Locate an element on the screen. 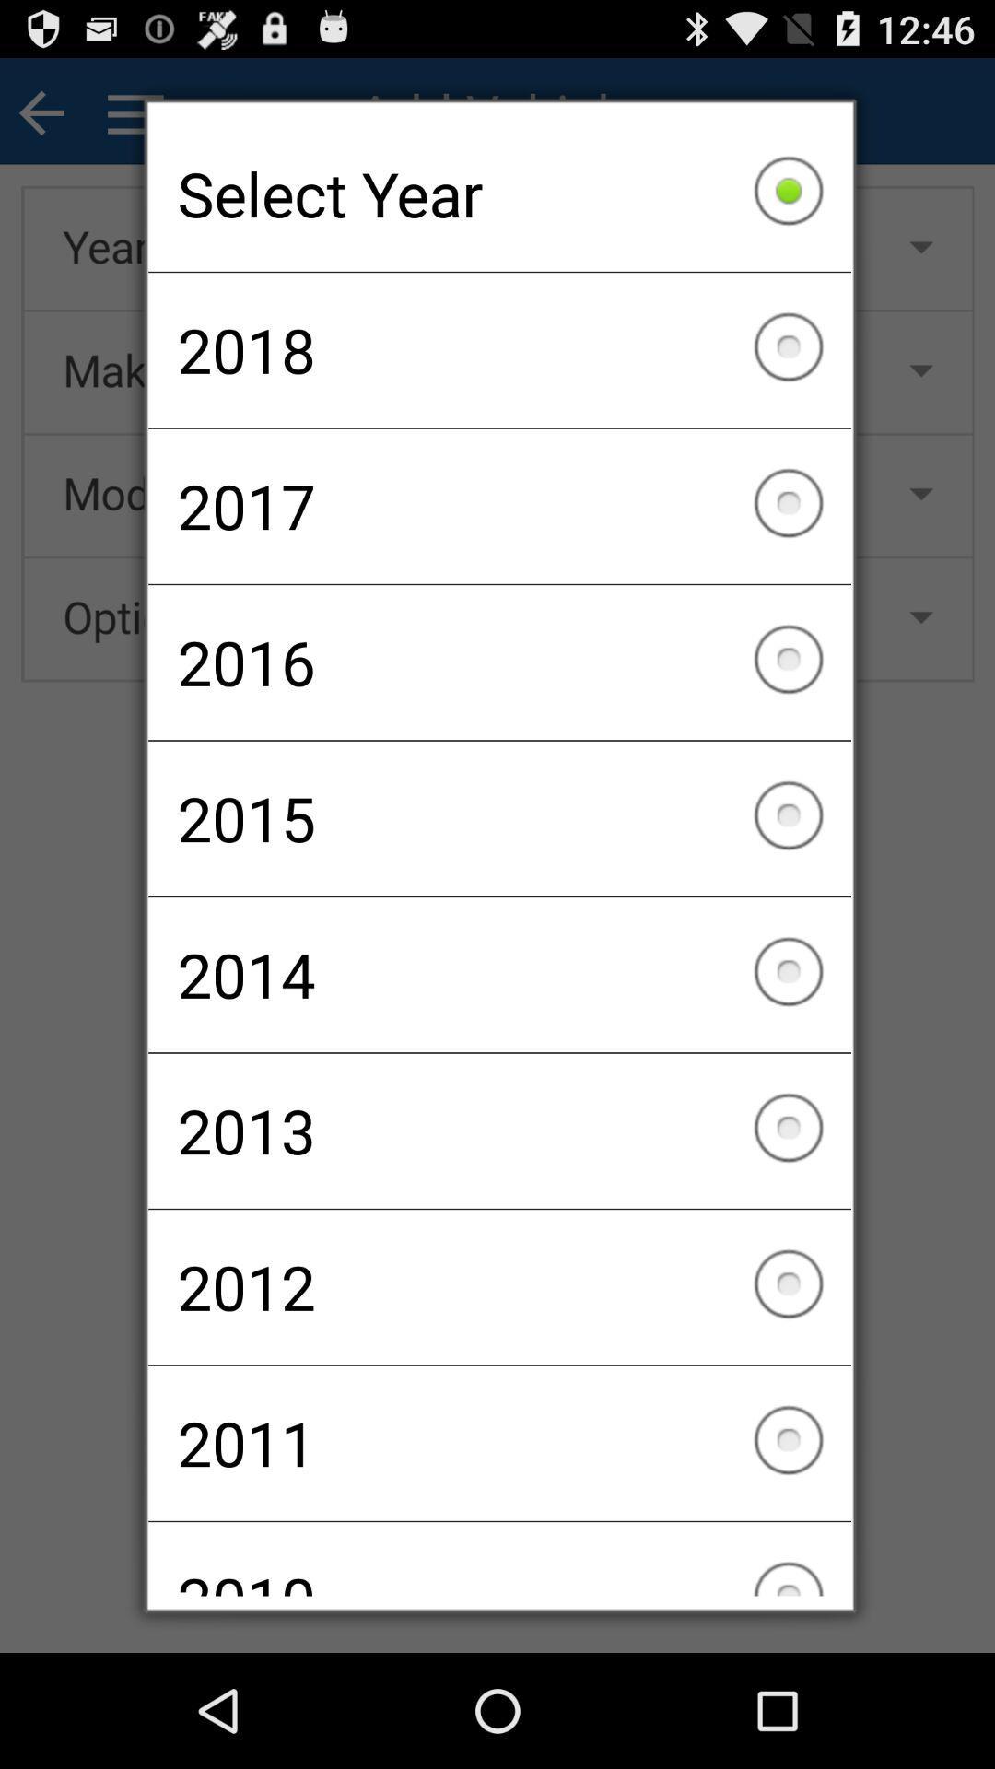  2014 icon is located at coordinates (499, 974).